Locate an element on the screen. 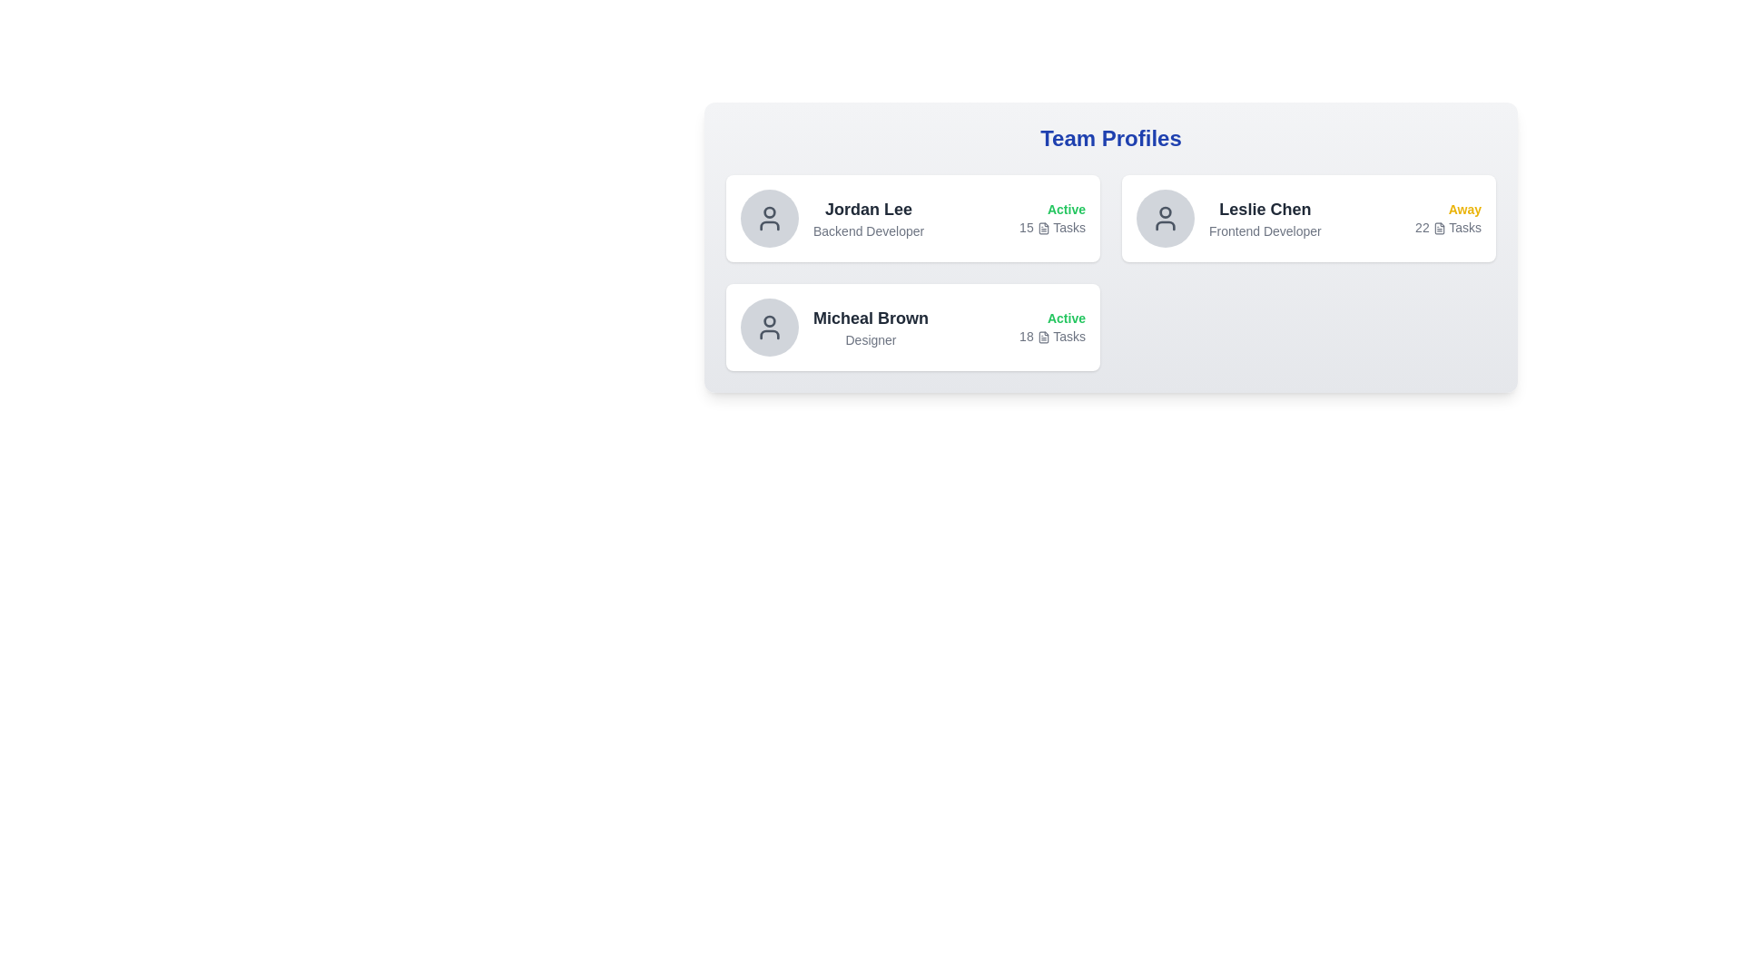  the Text Display element showing 'Jordan Lee' and 'Backend Developer' in the top-left square of the user profiles grid is located at coordinates (868, 217).